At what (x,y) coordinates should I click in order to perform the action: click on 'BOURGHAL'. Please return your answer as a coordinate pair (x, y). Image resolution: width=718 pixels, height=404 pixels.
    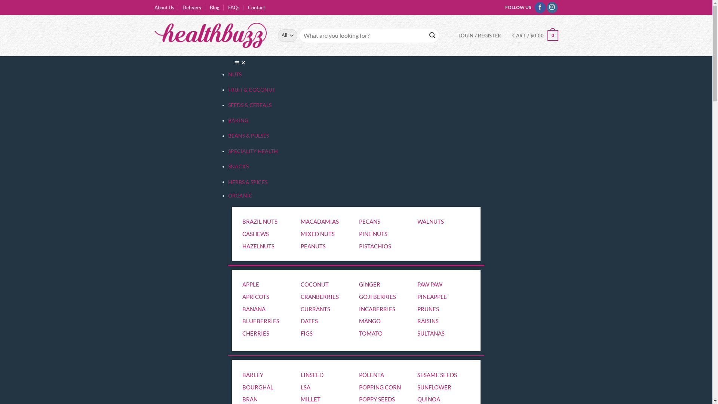
    Looking at the image, I should click on (258, 387).